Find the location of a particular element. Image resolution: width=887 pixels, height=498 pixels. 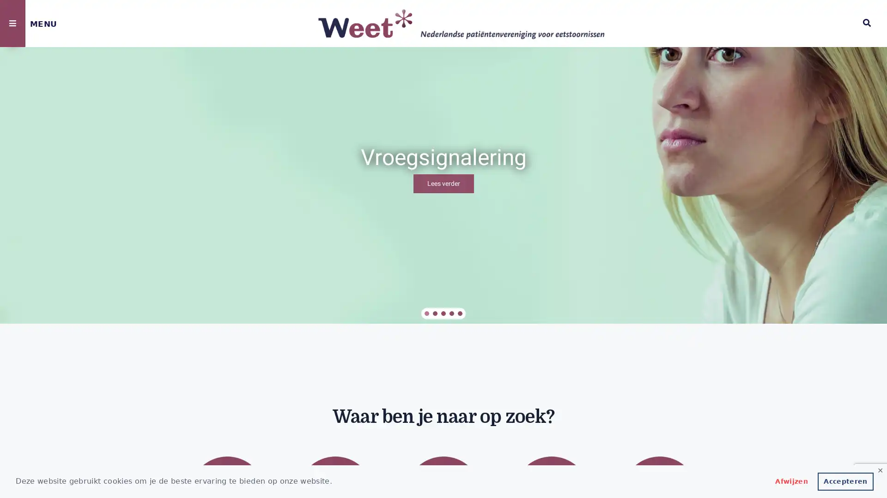

Vacatures is located at coordinates (443, 313).